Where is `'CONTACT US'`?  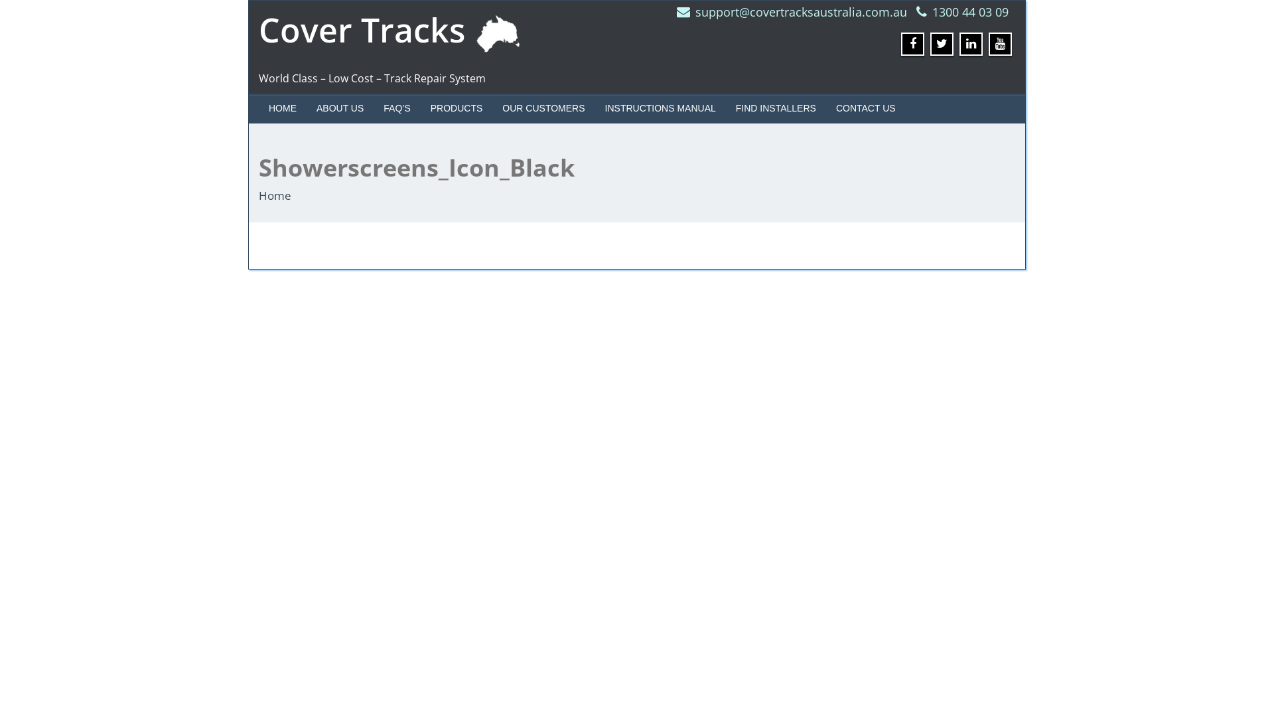 'CONTACT US' is located at coordinates (866, 107).